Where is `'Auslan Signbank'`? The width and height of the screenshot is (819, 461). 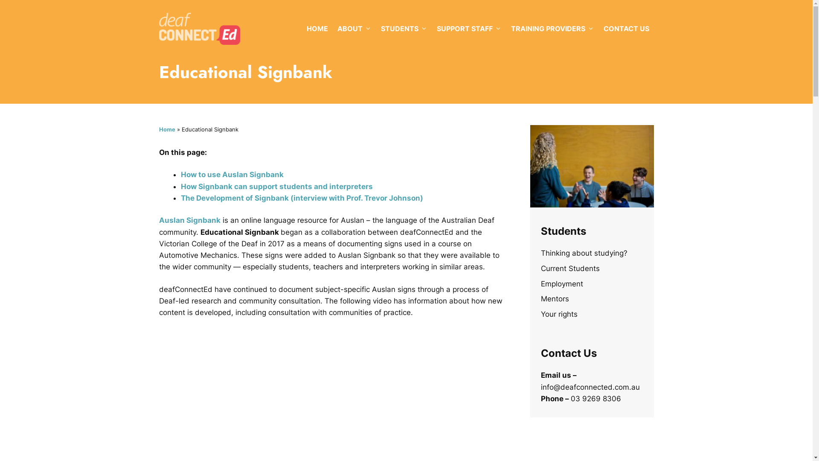
'Auslan Signbank' is located at coordinates (189, 220).